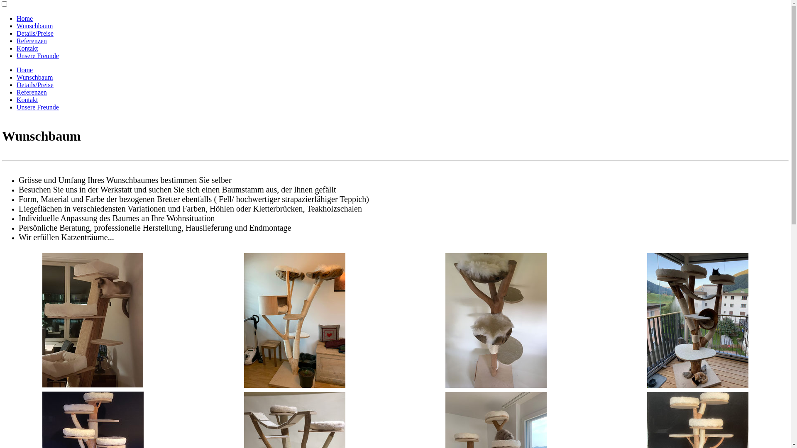 Image resolution: width=797 pixels, height=448 pixels. Describe the element at coordinates (34, 85) in the screenshot. I see `'Details/Preise'` at that location.